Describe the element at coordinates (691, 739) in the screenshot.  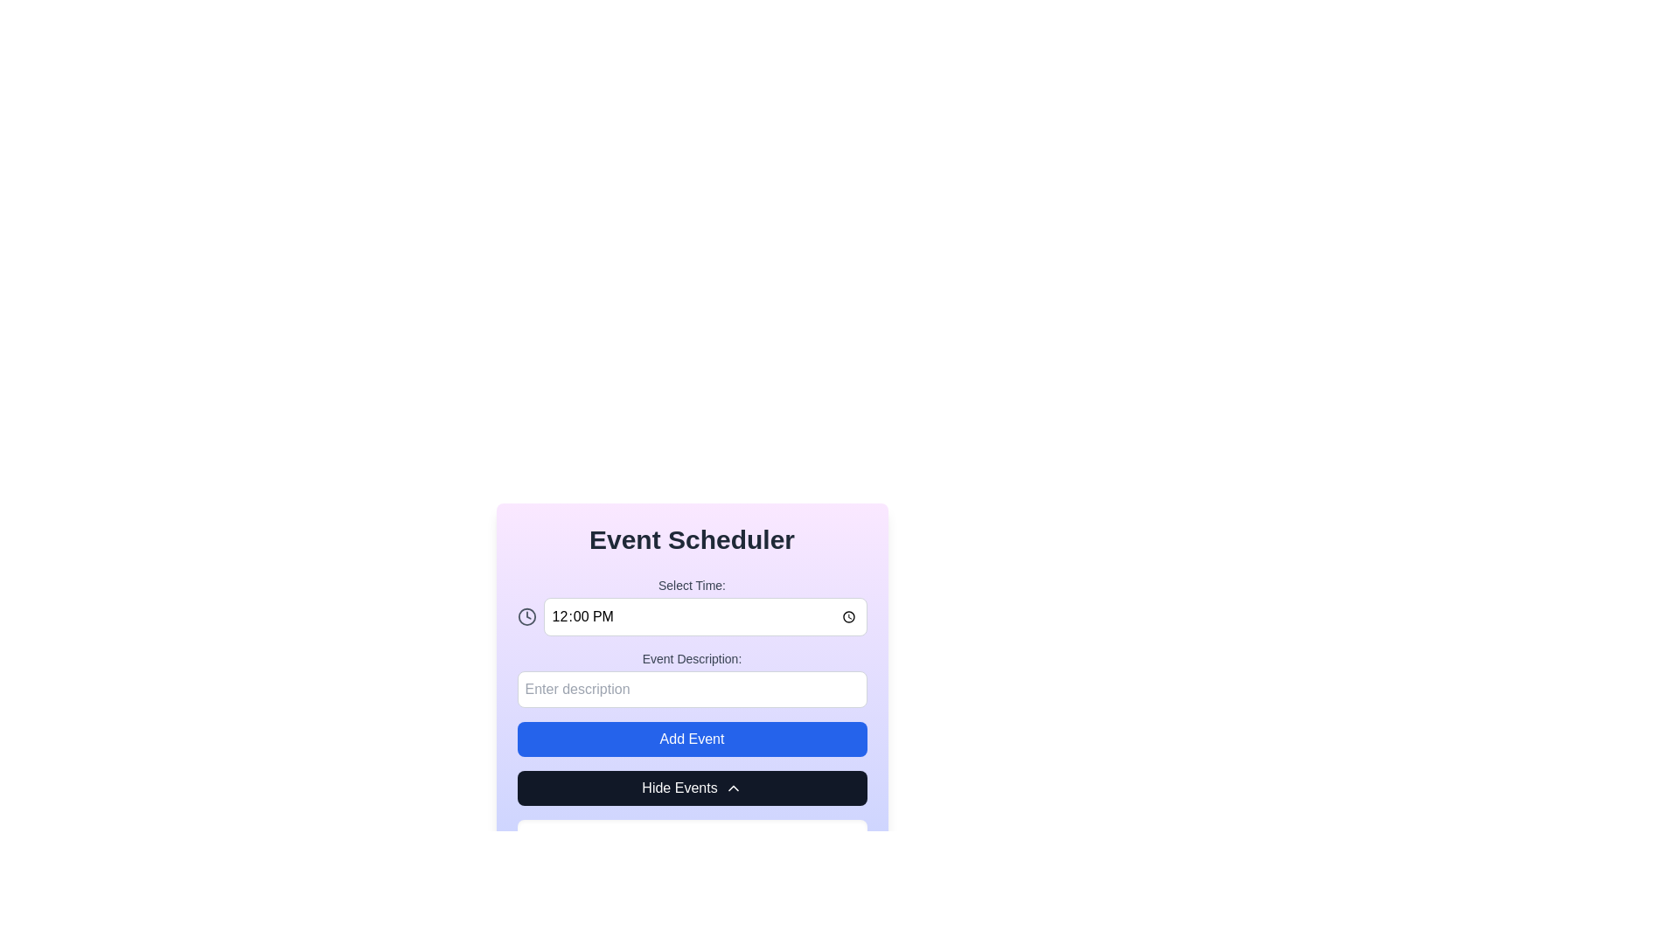
I see `the rectangular button with a blue background and white text that reads 'Add Event'` at that location.